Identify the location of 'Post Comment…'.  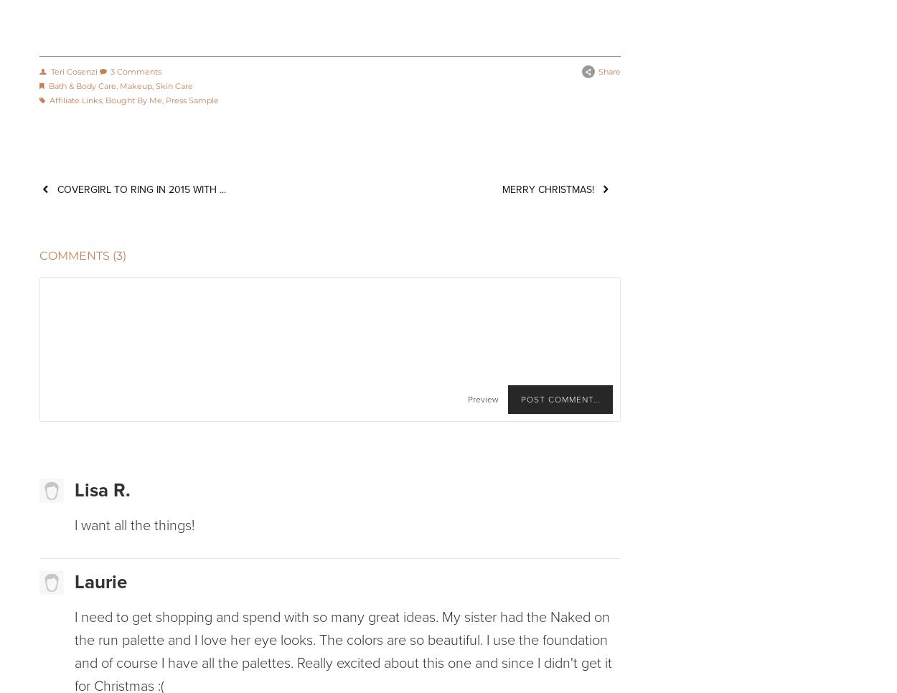
(560, 398).